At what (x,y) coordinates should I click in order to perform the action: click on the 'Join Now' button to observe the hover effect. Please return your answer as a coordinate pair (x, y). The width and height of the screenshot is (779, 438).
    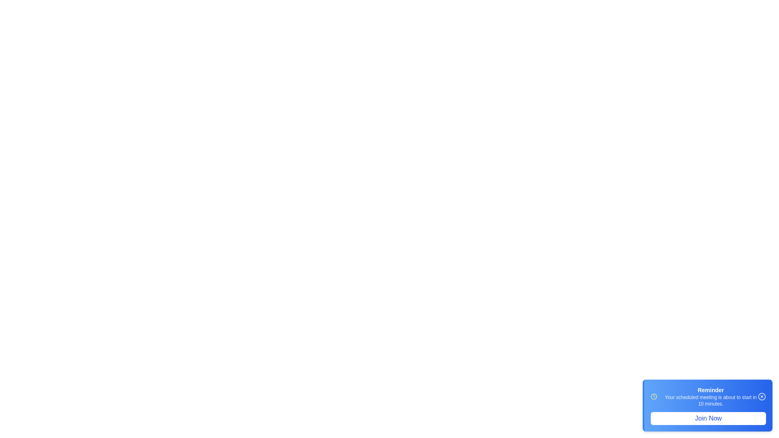
    Looking at the image, I should click on (708, 419).